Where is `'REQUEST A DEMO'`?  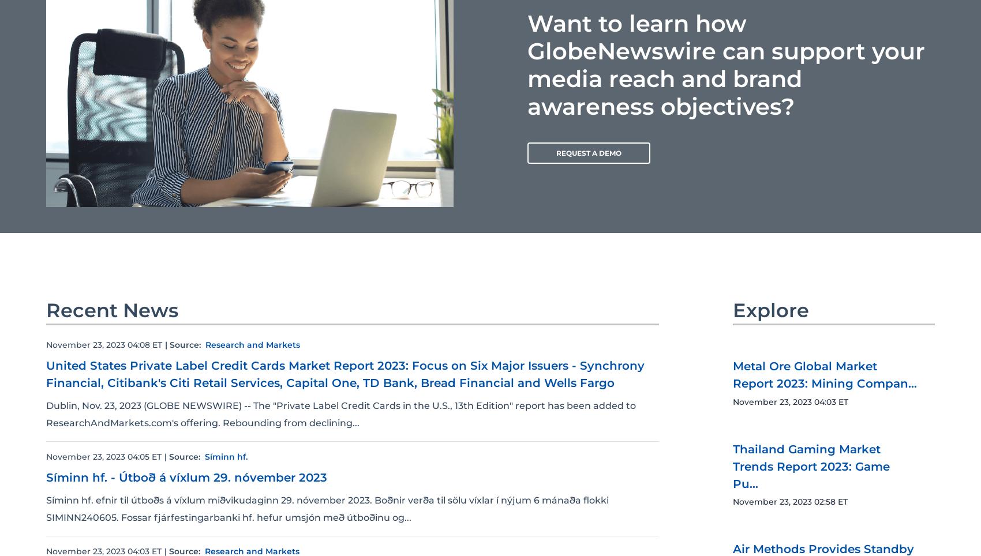
'REQUEST A DEMO' is located at coordinates (588, 152).